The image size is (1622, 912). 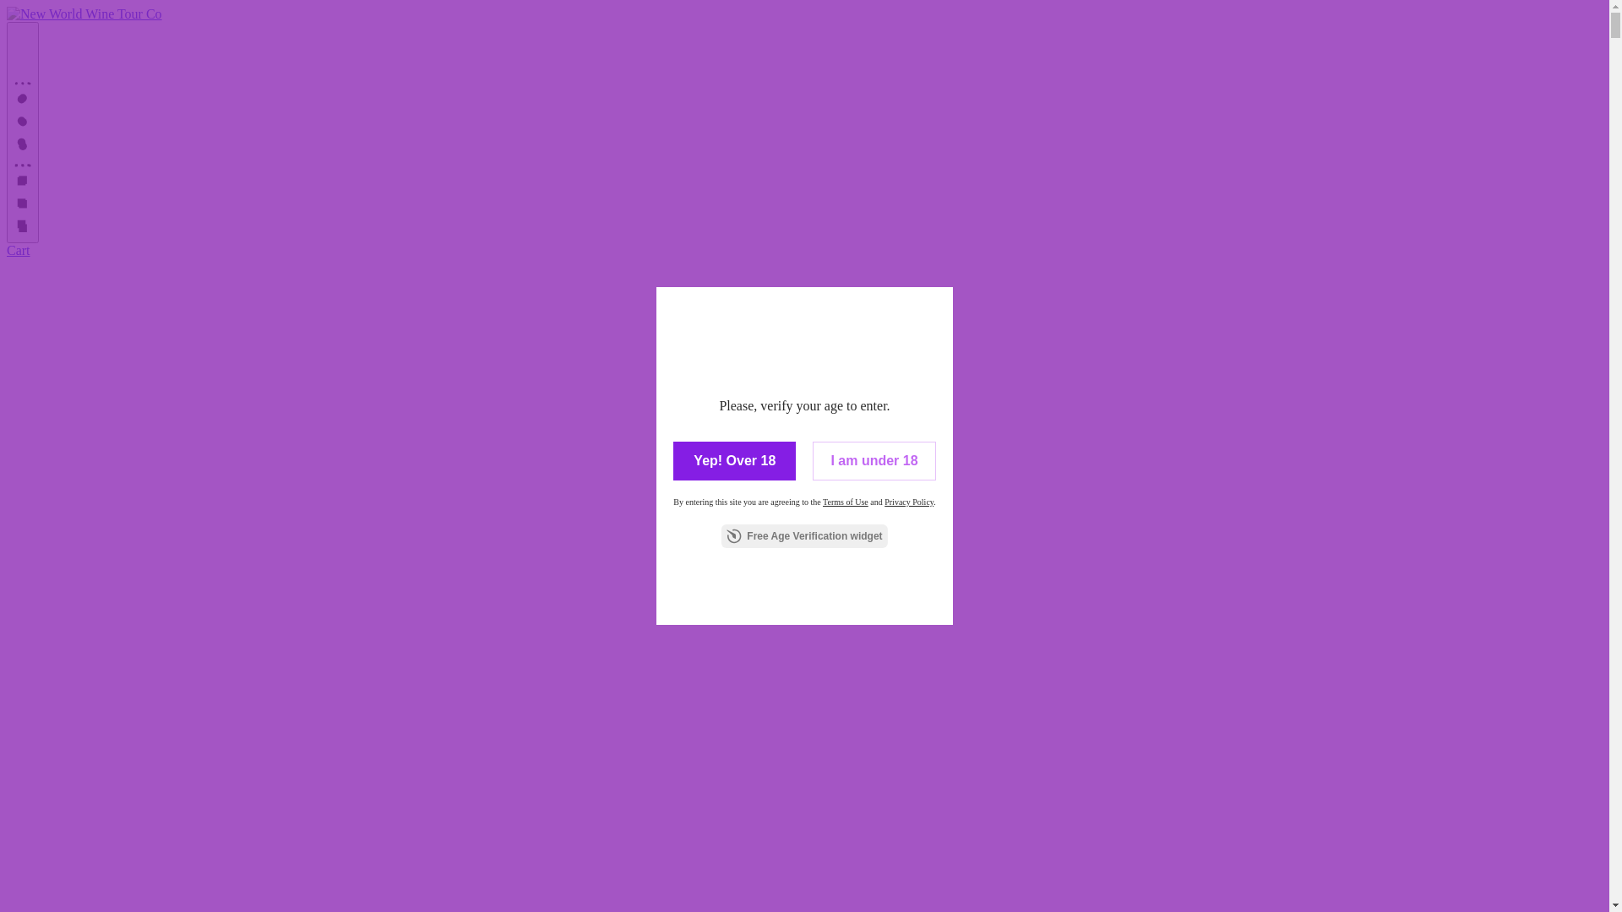 What do you see at coordinates (907, 501) in the screenshot?
I see `'Privacy Policy'` at bounding box center [907, 501].